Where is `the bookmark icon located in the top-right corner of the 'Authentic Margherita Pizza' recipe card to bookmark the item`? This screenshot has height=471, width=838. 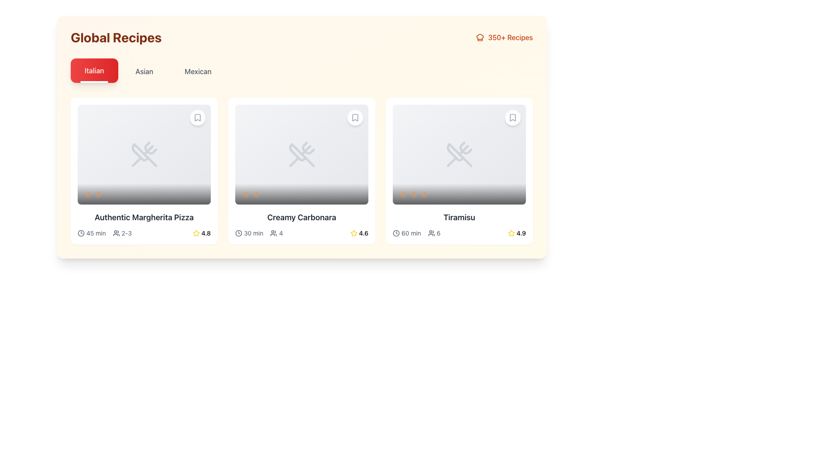 the bookmark icon located in the top-right corner of the 'Authentic Margherita Pizza' recipe card to bookmark the item is located at coordinates (197, 118).